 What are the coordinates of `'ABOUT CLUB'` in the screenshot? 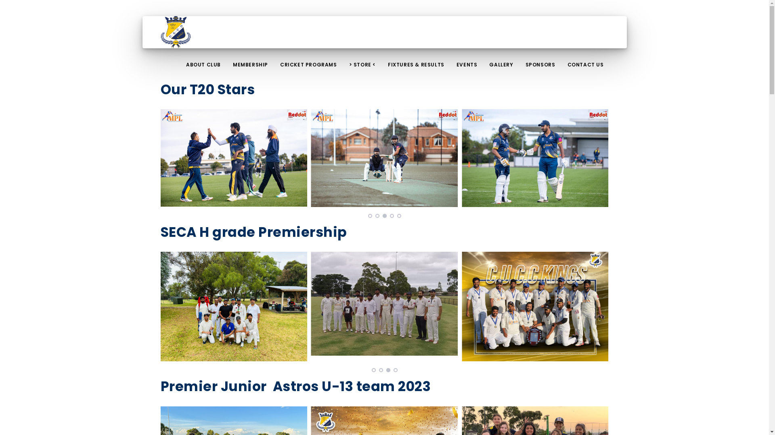 It's located at (203, 64).